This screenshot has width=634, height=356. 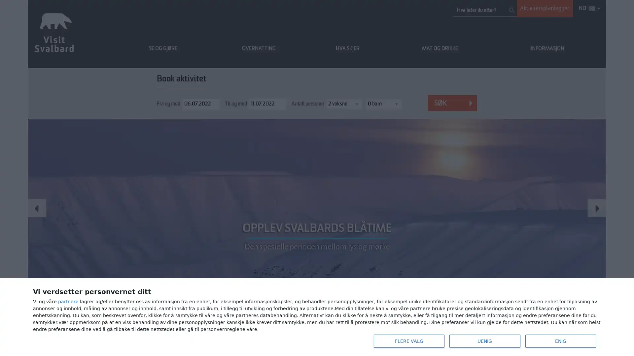 What do you see at coordinates (485, 341) in the screenshot?
I see `UENIG` at bounding box center [485, 341].